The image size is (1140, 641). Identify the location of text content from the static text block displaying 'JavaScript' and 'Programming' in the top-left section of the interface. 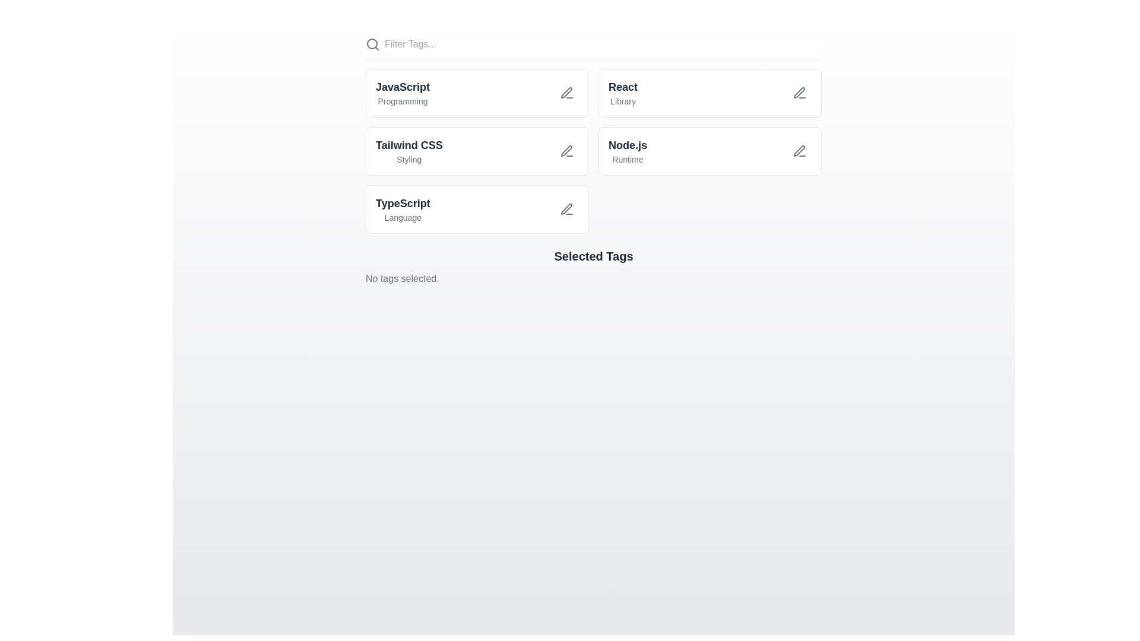
(403, 93).